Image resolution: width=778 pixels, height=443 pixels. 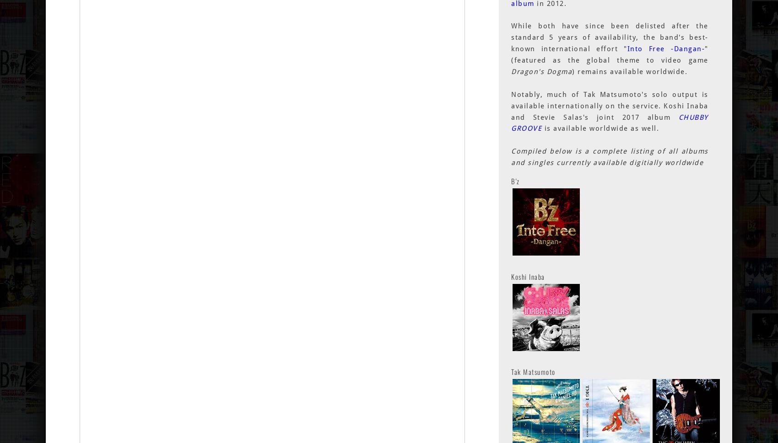 I want to click on 'Compiled below is a complete listing of all albums and singles currently available digitially worldwide', so click(x=609, y=156).